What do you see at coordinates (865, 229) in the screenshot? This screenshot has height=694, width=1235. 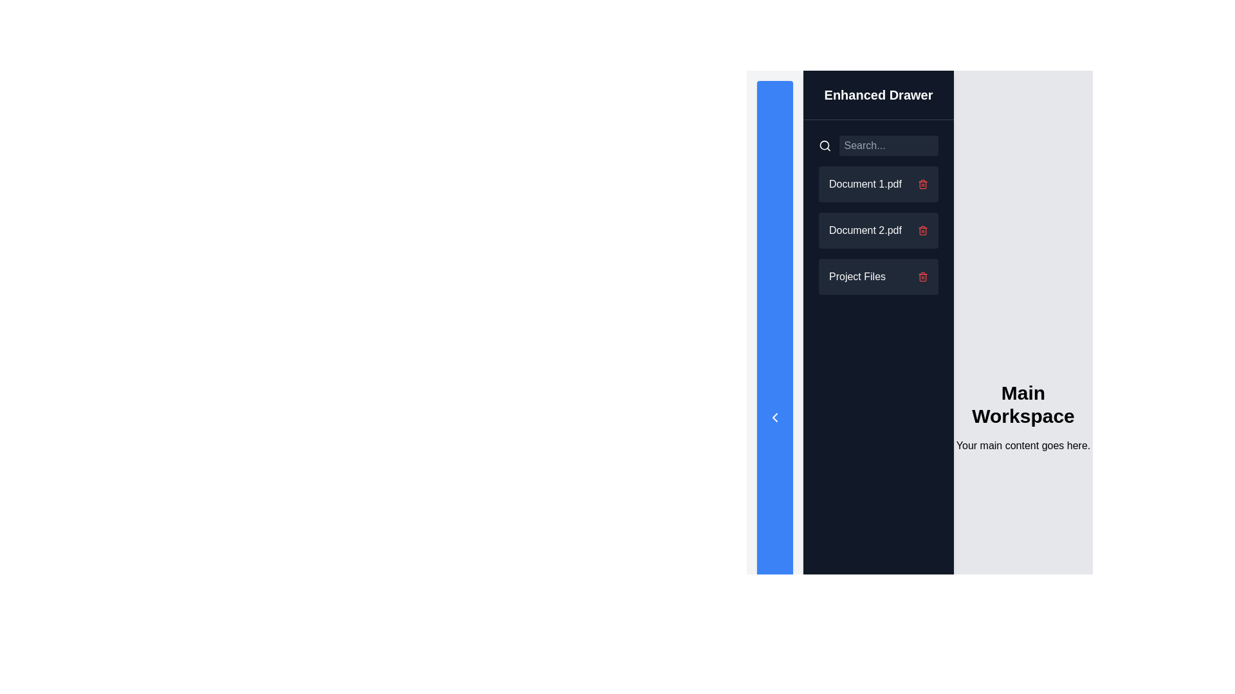 I see `the static text label displaying 'Document 2.pdf' in the Enhanced Drawer sidebar, positioned between 'Document 1.pdf' and 'Project Files'` at bounding box center [865, 229].